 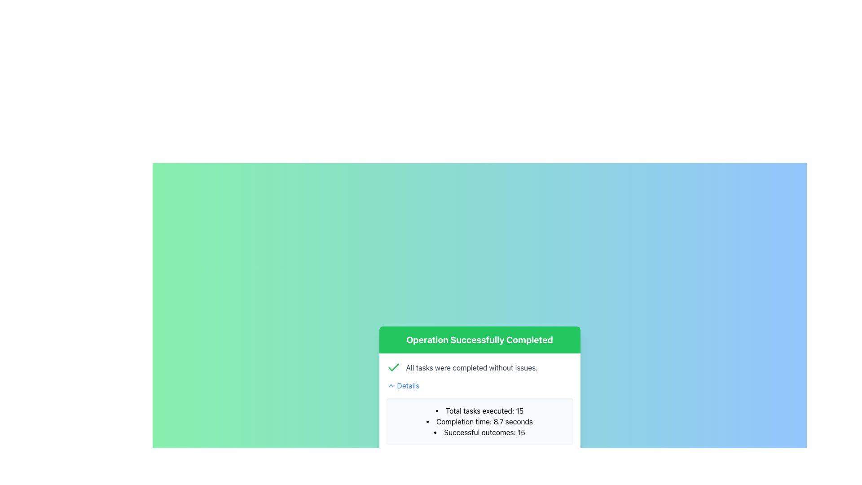 What do you see at coordinates (471, 367) in the screenshot?
I see `the text element displaying 'All tasks were completed without issues.' which is located under the 'Operation Successfully Completed' header and next to a green checkmark icon` at bounding box center [471, 367].